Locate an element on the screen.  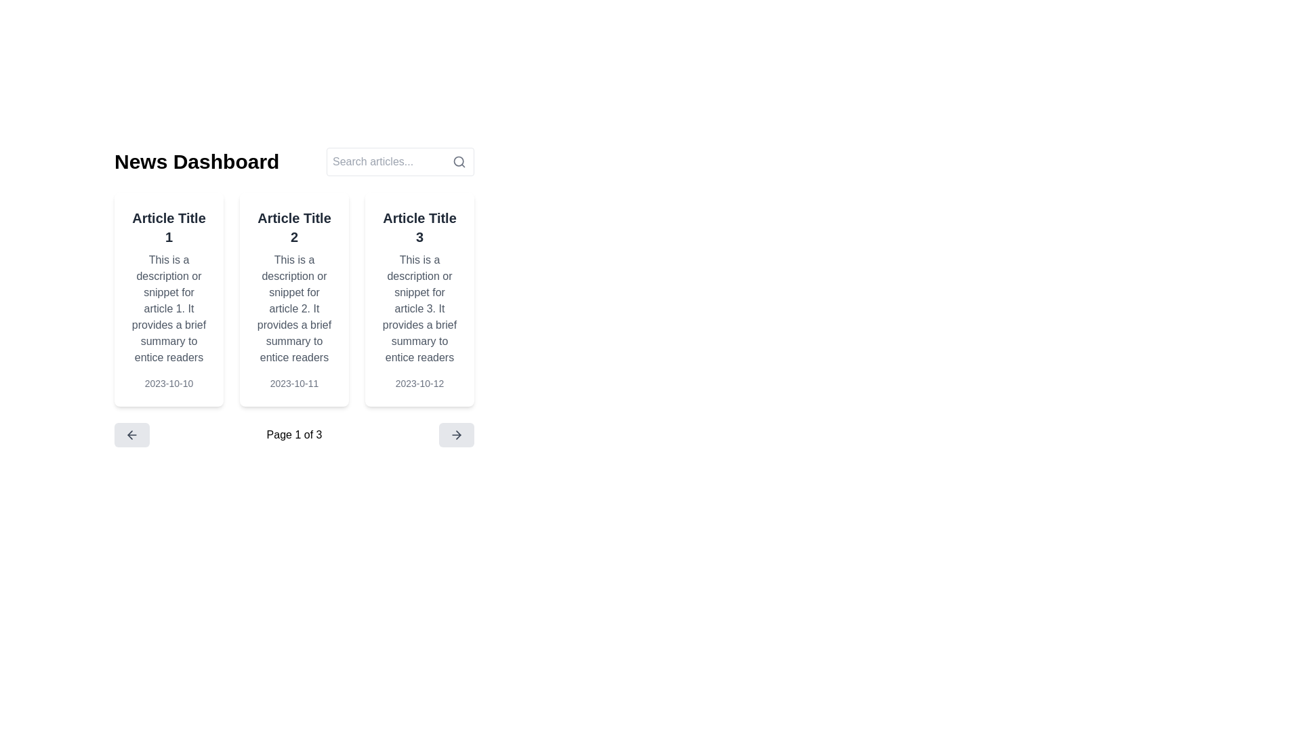
text element displaying the date '2023-10-12', which is styled in a smaller gray font and located at the bottom of the third card in the 'News Dashboard' section is located at coordinates (419, 384).